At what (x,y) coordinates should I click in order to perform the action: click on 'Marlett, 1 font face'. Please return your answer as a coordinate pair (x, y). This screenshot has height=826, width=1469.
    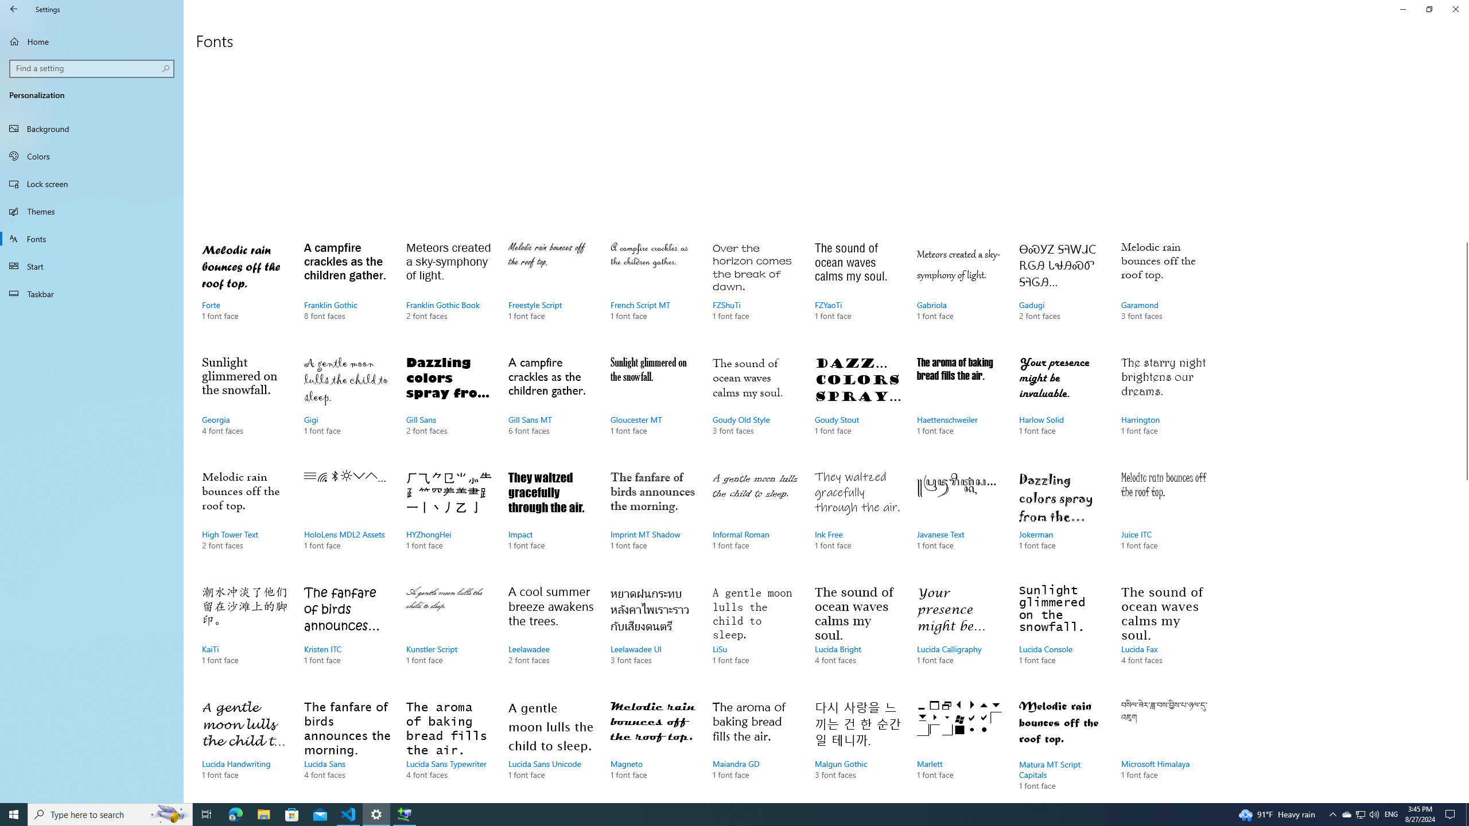
    Looking at the image, I should click on (959, 747).